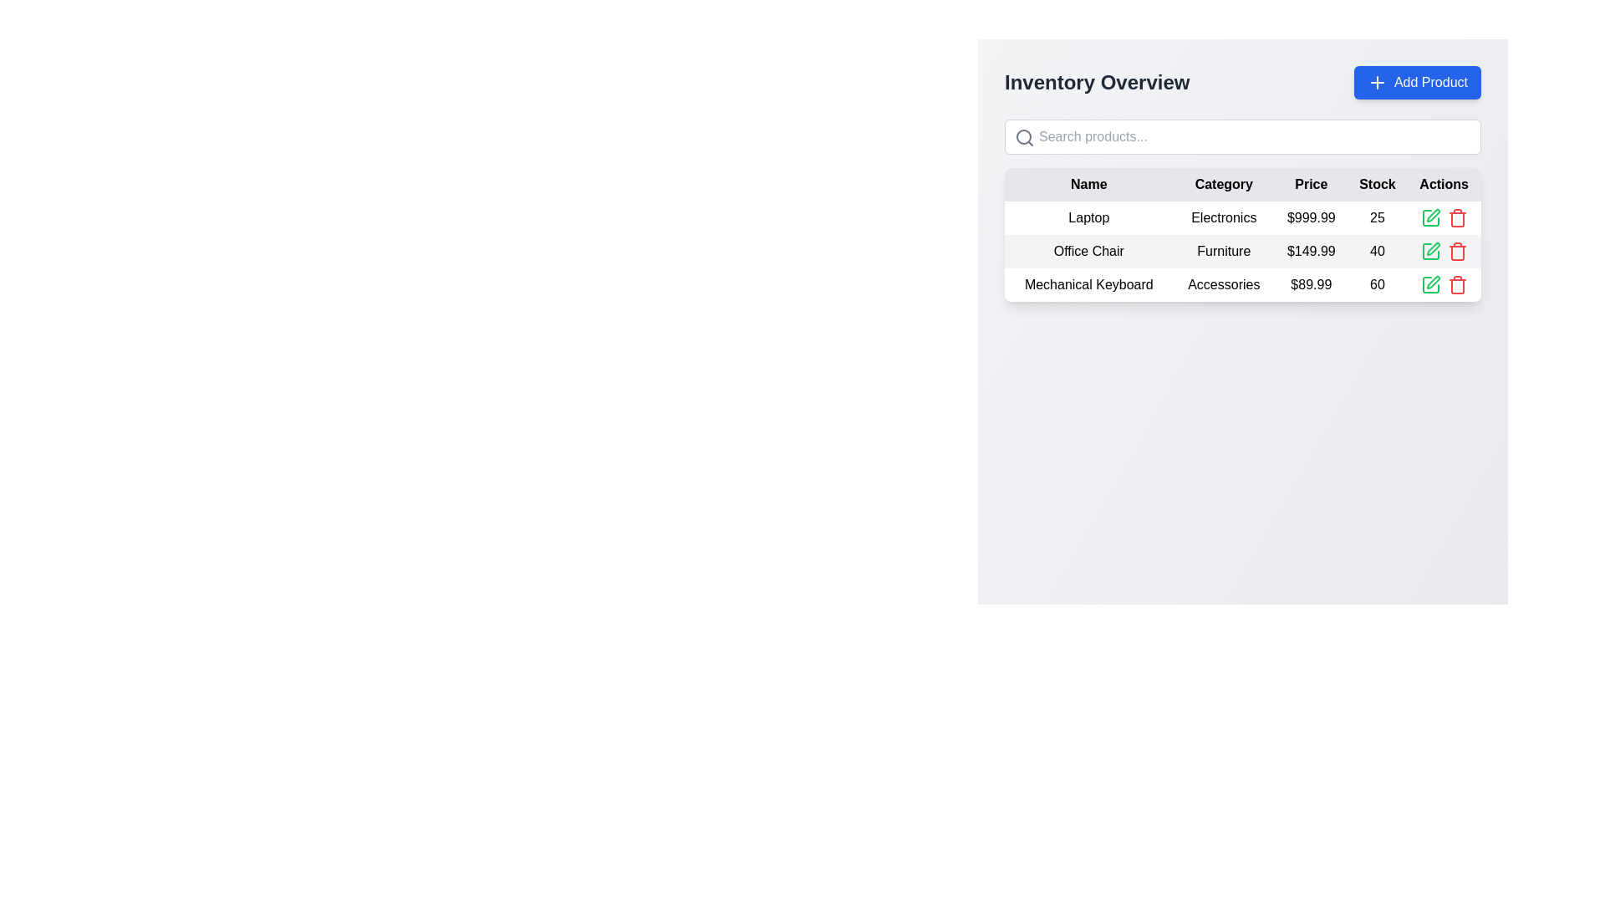  Describe the element at coordinates (1429, 283) in the screenshot. I see `the edit button located in the 'Actions' column of the last row in the table` at that location.